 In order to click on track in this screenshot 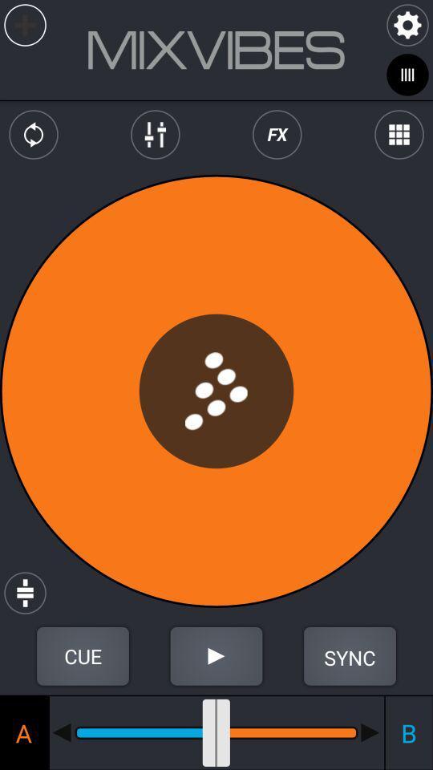, I will do `click(24, 24)`.